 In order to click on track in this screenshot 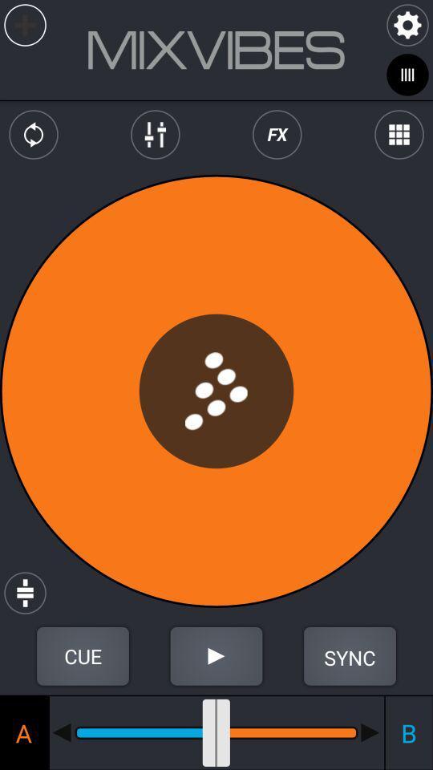, I will do `click(24, 24)`.